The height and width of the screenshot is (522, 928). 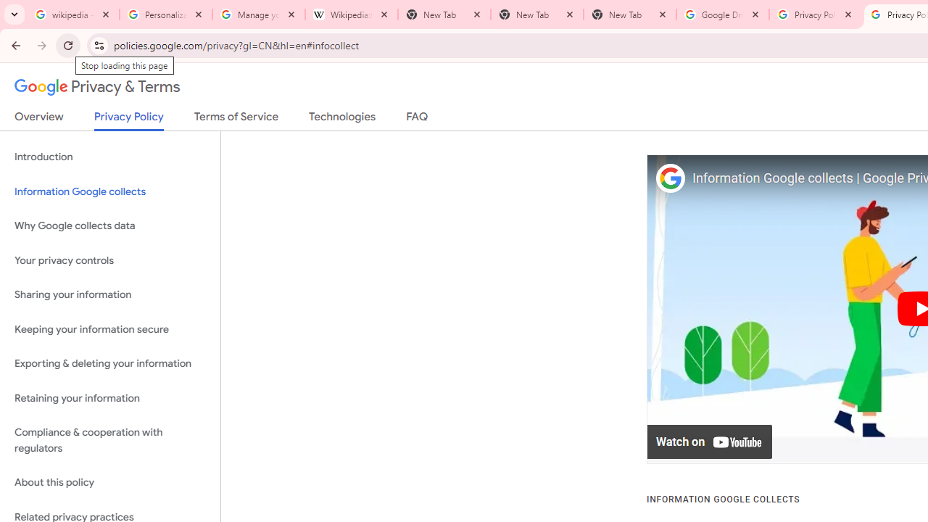 What do you see at coordinates (98, 44) in the screenshot?
I see `'View site information'` at bounding box center [98, 44].